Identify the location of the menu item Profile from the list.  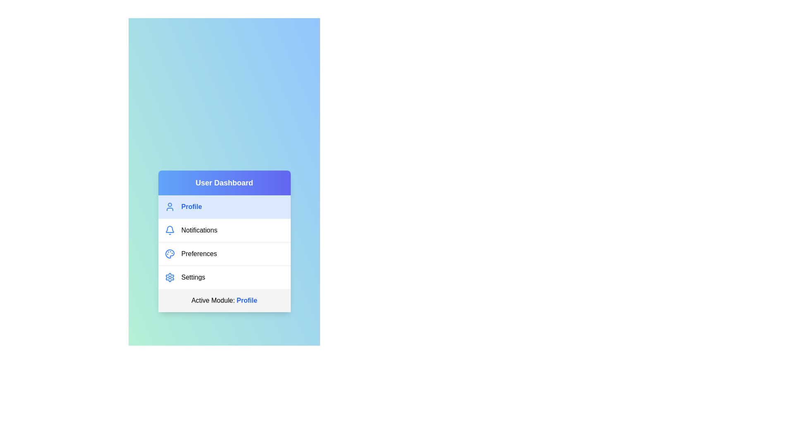
(224, 206).